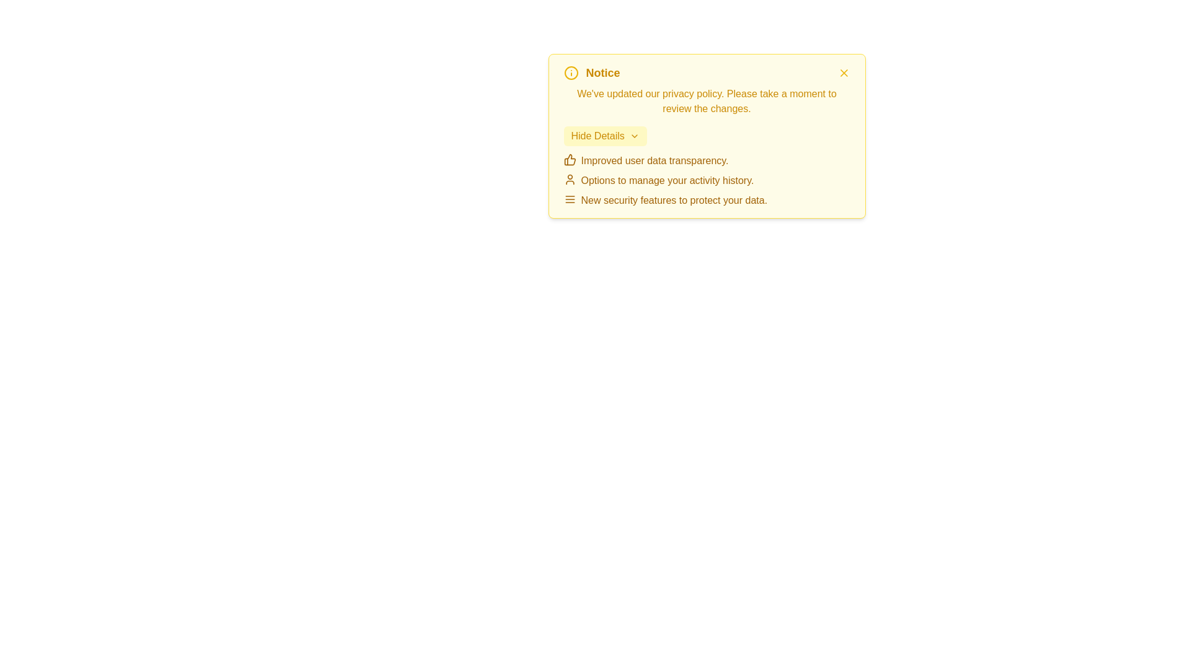  What do you see at coordinates (843, 73) in the screenshot?
I see `the close or dismiss button represented by an 'X' icon located in the top-right corner of the yellowish notification box labeled 'Notice'` at bounding box center [843, 73].